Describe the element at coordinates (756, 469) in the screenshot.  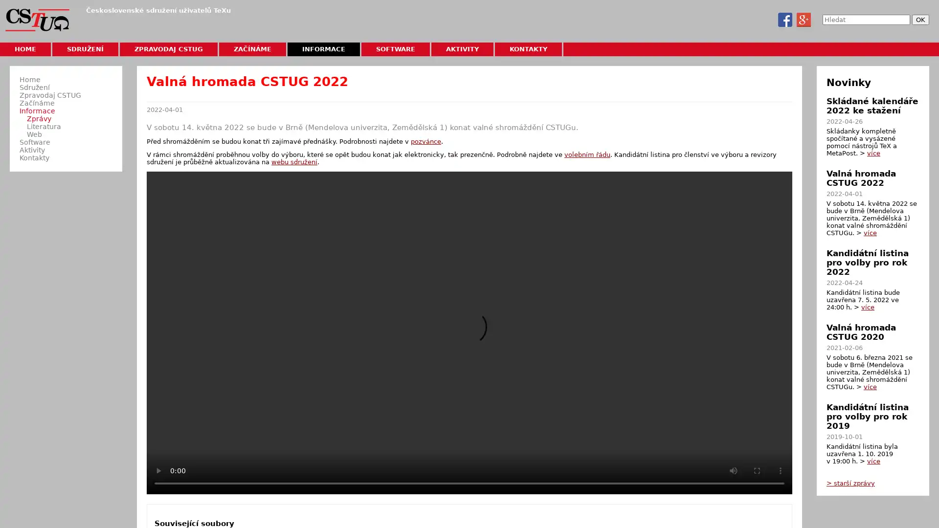
I see `enter full screen` at that location.